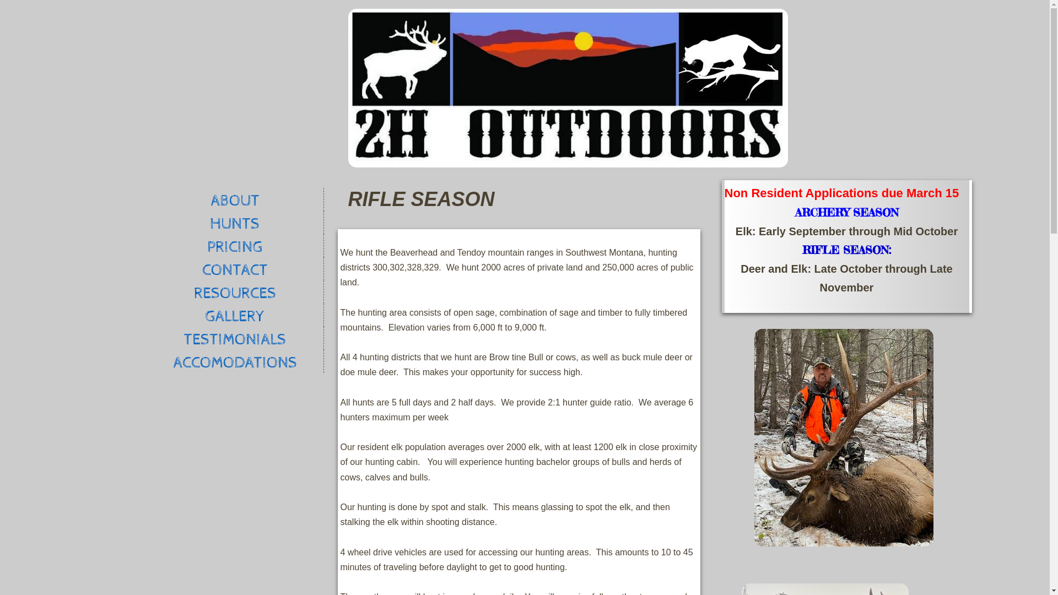 The width and height of the screenshot is (1058, 595). I want to click on 'CONTACT', so click(145, 269).